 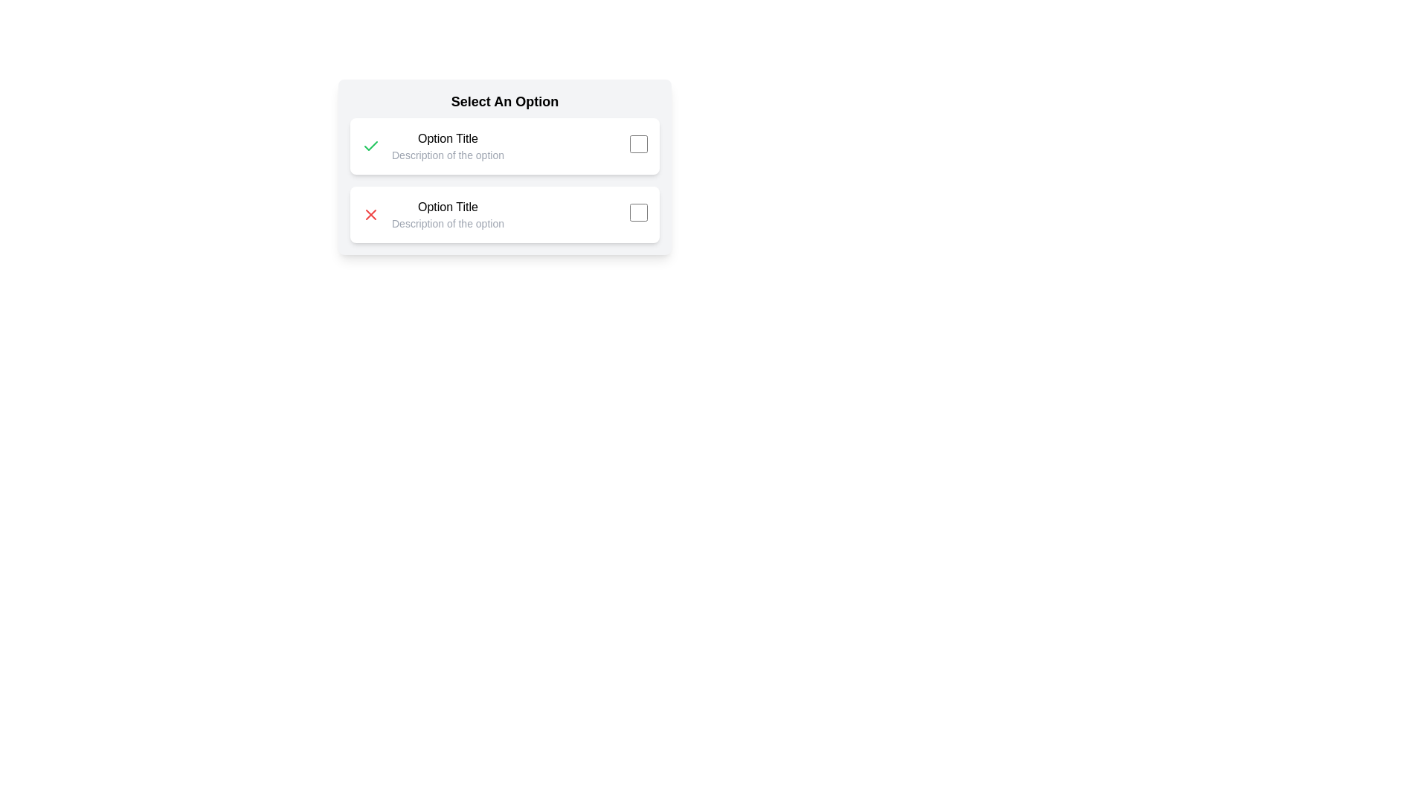 What do you see at coordinates (371, 146) in the screenshot?
I see `the checkmark icon indicating the selected state for the option in the list, located to the left of 'Option Title'` at bounding box center [371, 146].